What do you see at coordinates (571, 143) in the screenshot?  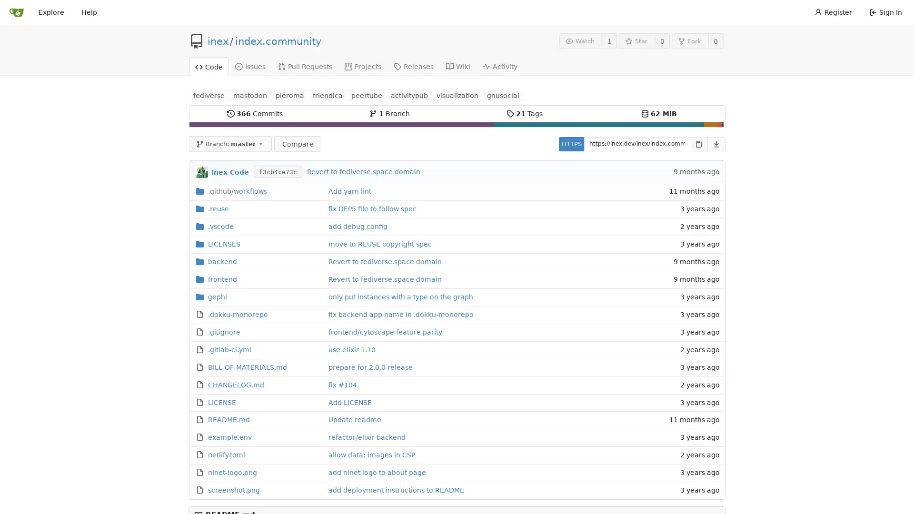 I see `HTTPS` at bounding box center [571, 143].